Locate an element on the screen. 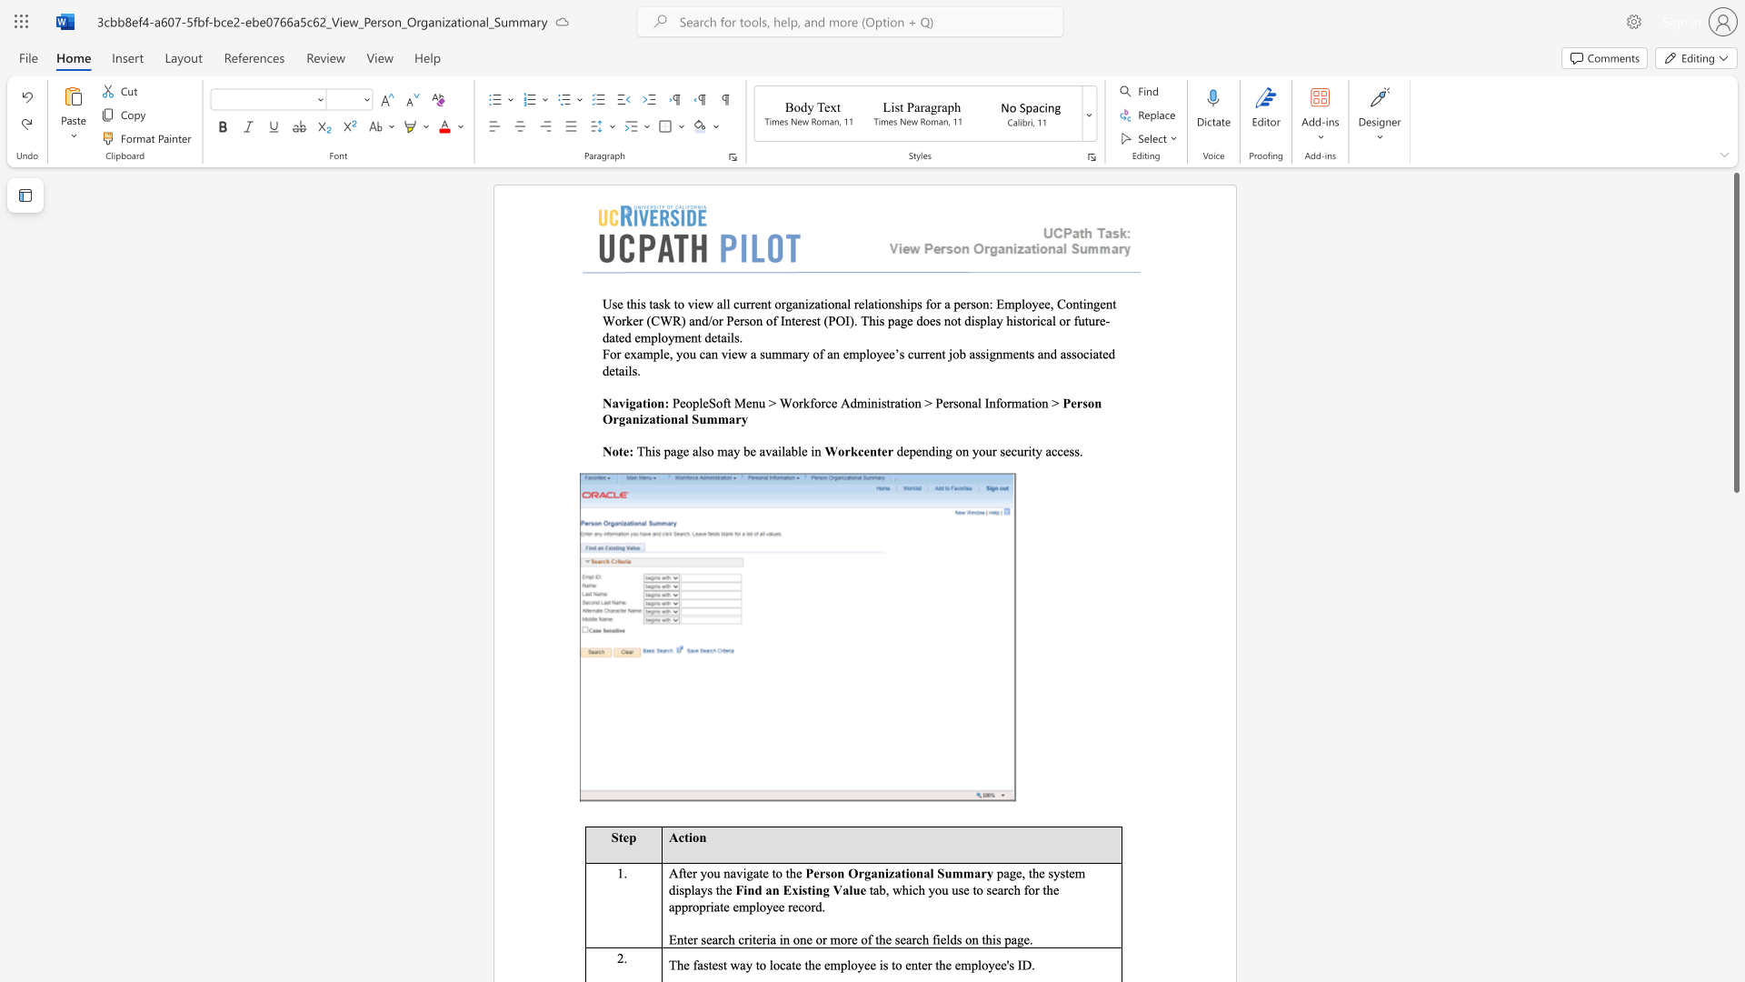  the subset text "ent deta" within the text "Use this task to view all current organizational relationships for a person: Employee, Contingent Worker (CWR) and/or Person of Interest (POI). This page does not display historical or future- dated employment details." is located at coordinates (683, 337).